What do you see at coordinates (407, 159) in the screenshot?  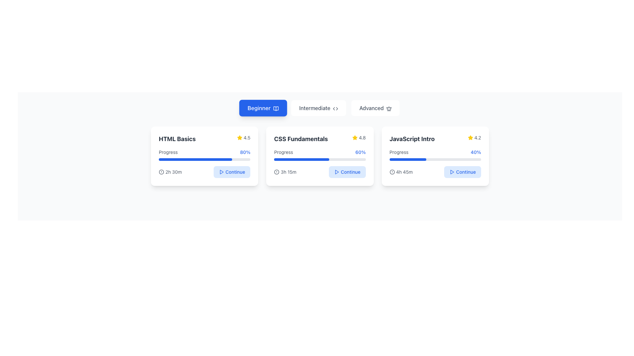 I see `the filled section of the progress bar representing 40% completion in the 'JavaScript Intro' card` at bounding box center [407, 159].